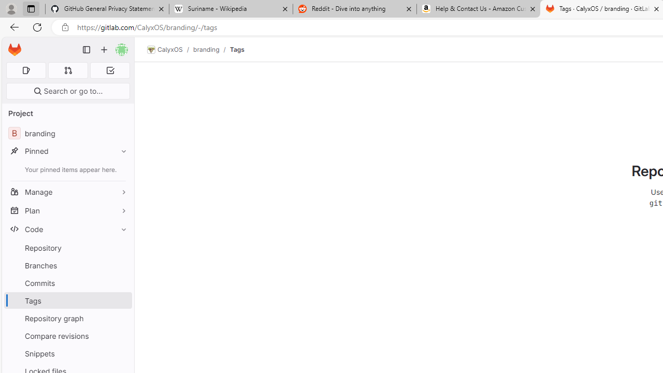 The height and width of the screenshot is (373, 663). I want to click on 'Snippets', so click(67, 353).